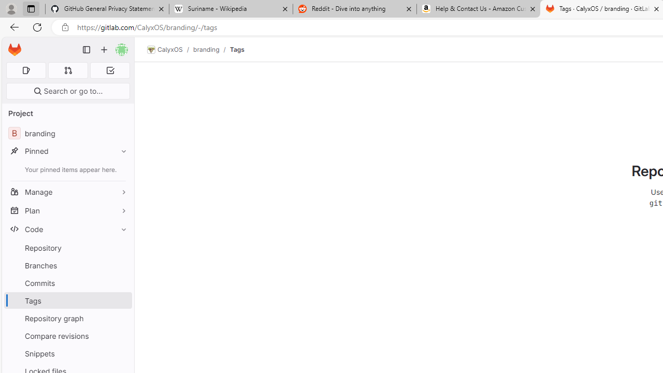 The height and width of the screenshot is (373, 663). I want to click on 'Snippets', so click(67, 353).